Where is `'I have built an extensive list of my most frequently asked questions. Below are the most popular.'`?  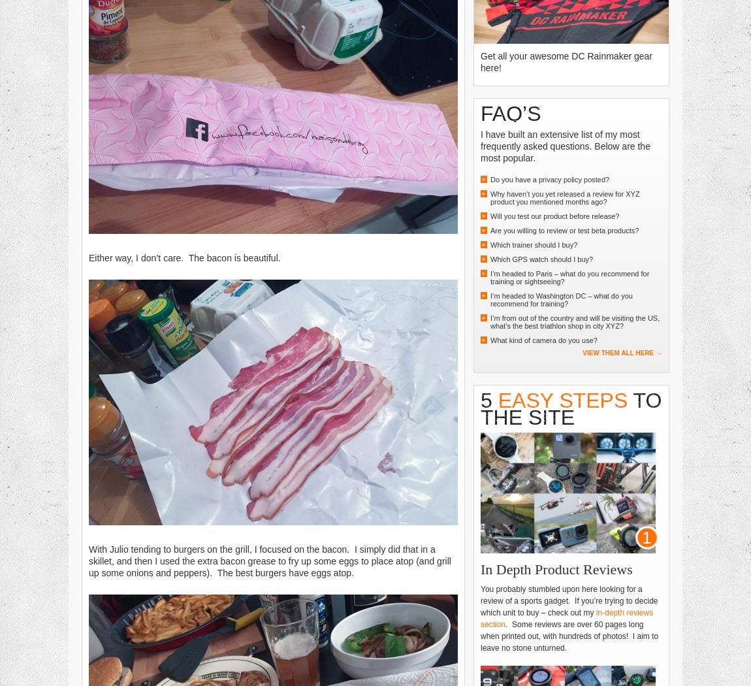
'I have built an extensive list of my most frequently asked questions. Below are the most popular.' is located at coordinates (565, 145).